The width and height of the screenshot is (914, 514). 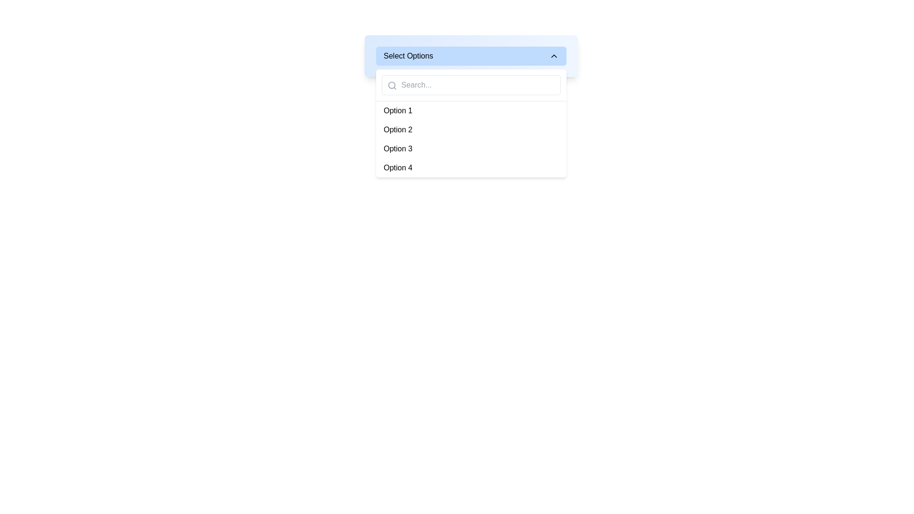 What do you see at coordinates (554, 56) in the screenshot?
I see `the upward-pointing chevron icon located in the header section of the 'Select Options' dropdown menu` at bounding box center [554, 56].